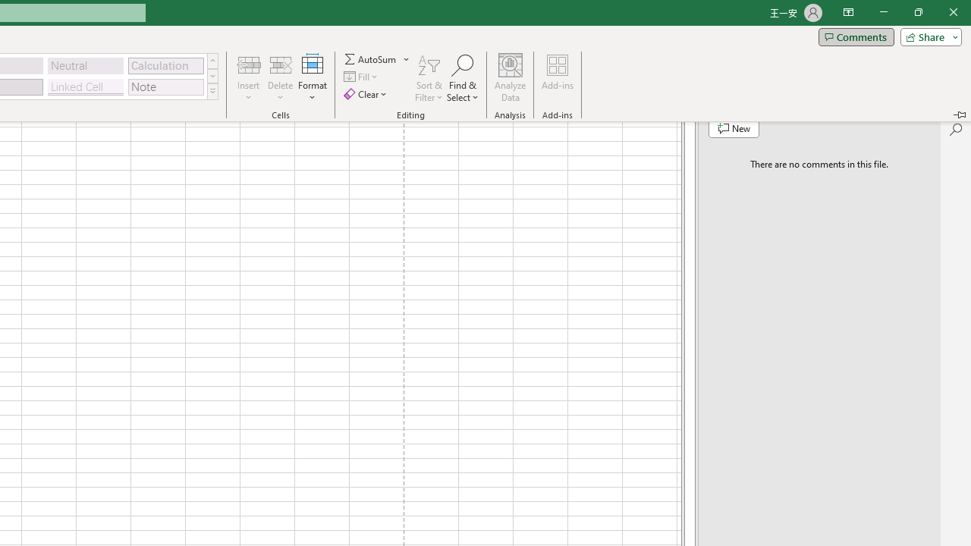 Image resolution: width=971 pixels, height=546 pixels. I want to click on 'Minimize', so click(883, 12).